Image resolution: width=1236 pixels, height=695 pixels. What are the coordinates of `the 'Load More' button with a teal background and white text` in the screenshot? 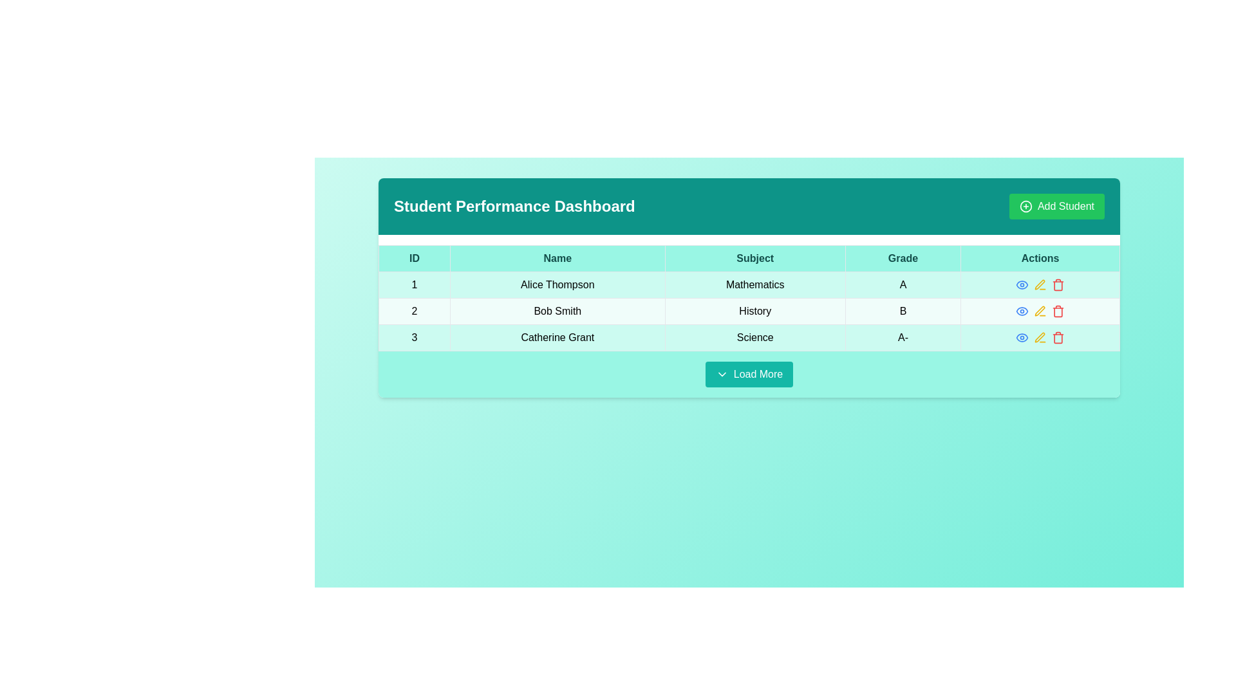 It's located at (749, 375).